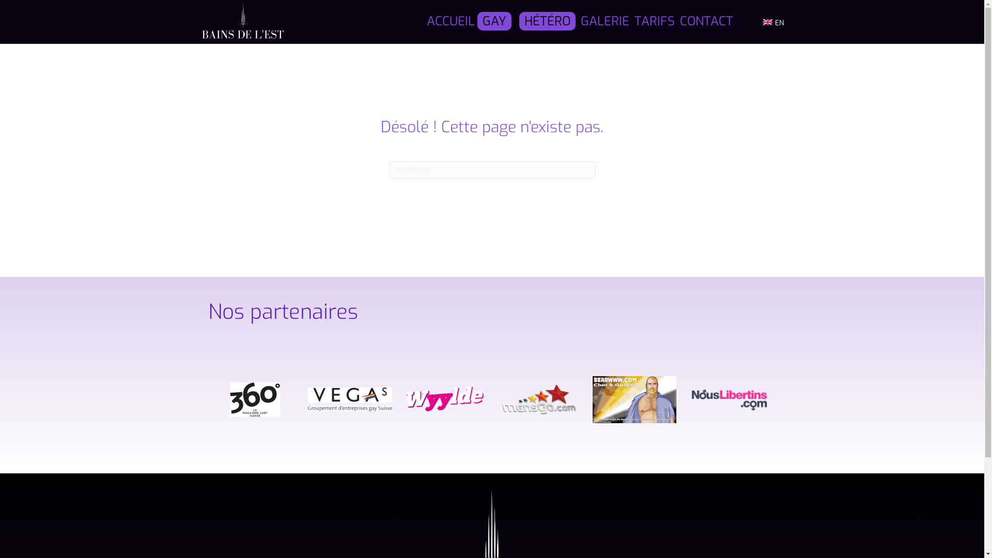 This screenshot has width=992, height=558. What do you see at coordinates (477, 21) in the screenshot?
I see `'GAY'` at bounding box center [477, 21].